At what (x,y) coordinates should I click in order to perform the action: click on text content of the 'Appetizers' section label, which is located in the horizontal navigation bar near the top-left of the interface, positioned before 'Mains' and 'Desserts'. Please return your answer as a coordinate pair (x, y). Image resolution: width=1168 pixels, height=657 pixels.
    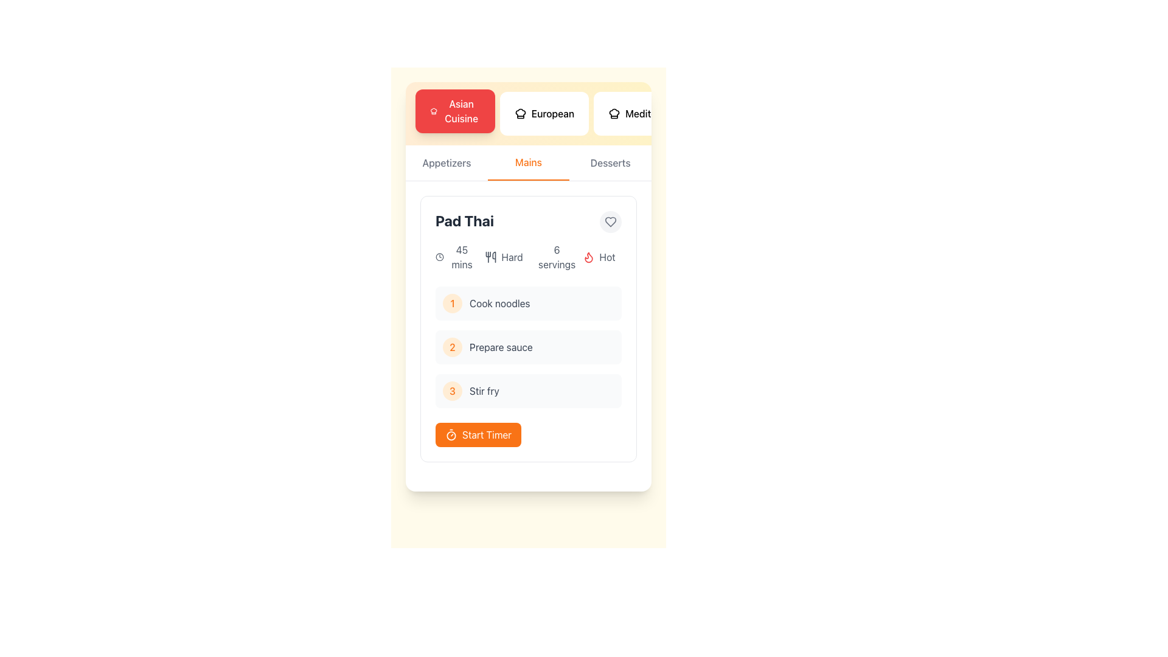
    Looking at the image, I should click on (446, 162).